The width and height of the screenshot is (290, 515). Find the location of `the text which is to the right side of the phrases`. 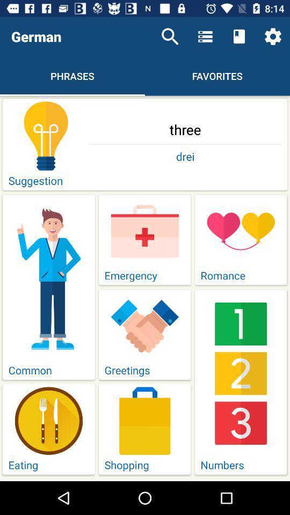

the text which is to the right side of the phrases is located at coordinates (218, 75).